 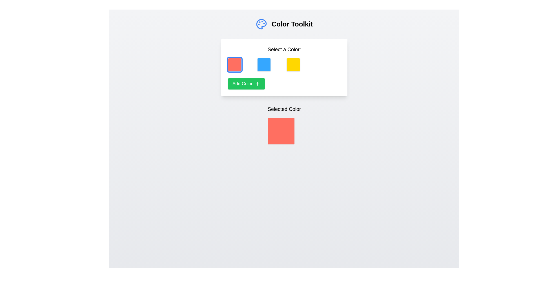 What do you see at coordinates (246, 84) in the screenshot?
I see `the 'Add Color' button located at the bottom of the 'Select a Color:' card` at bounding box center [246, 84].